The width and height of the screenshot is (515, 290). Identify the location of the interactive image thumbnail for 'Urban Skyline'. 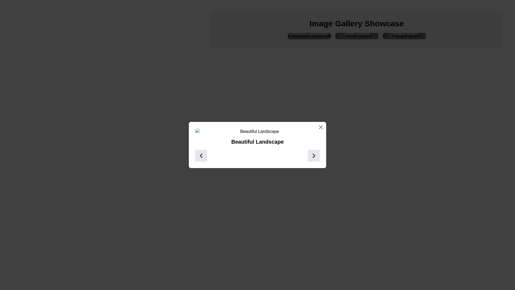
(356, 36).